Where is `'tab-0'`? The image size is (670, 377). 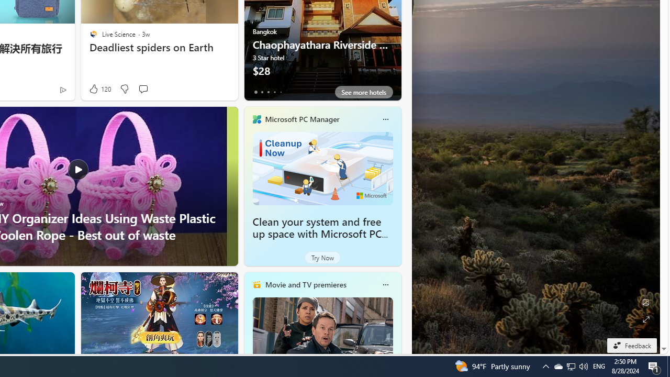
'tab-0' is located at coordinates (255, 92).